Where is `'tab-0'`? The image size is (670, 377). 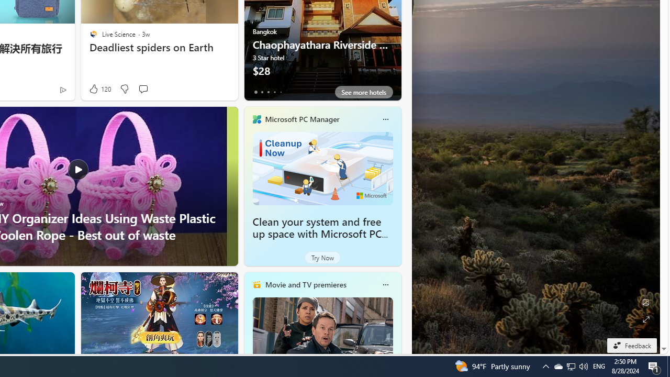
'tab-0' is located at coordinates (255, 92).